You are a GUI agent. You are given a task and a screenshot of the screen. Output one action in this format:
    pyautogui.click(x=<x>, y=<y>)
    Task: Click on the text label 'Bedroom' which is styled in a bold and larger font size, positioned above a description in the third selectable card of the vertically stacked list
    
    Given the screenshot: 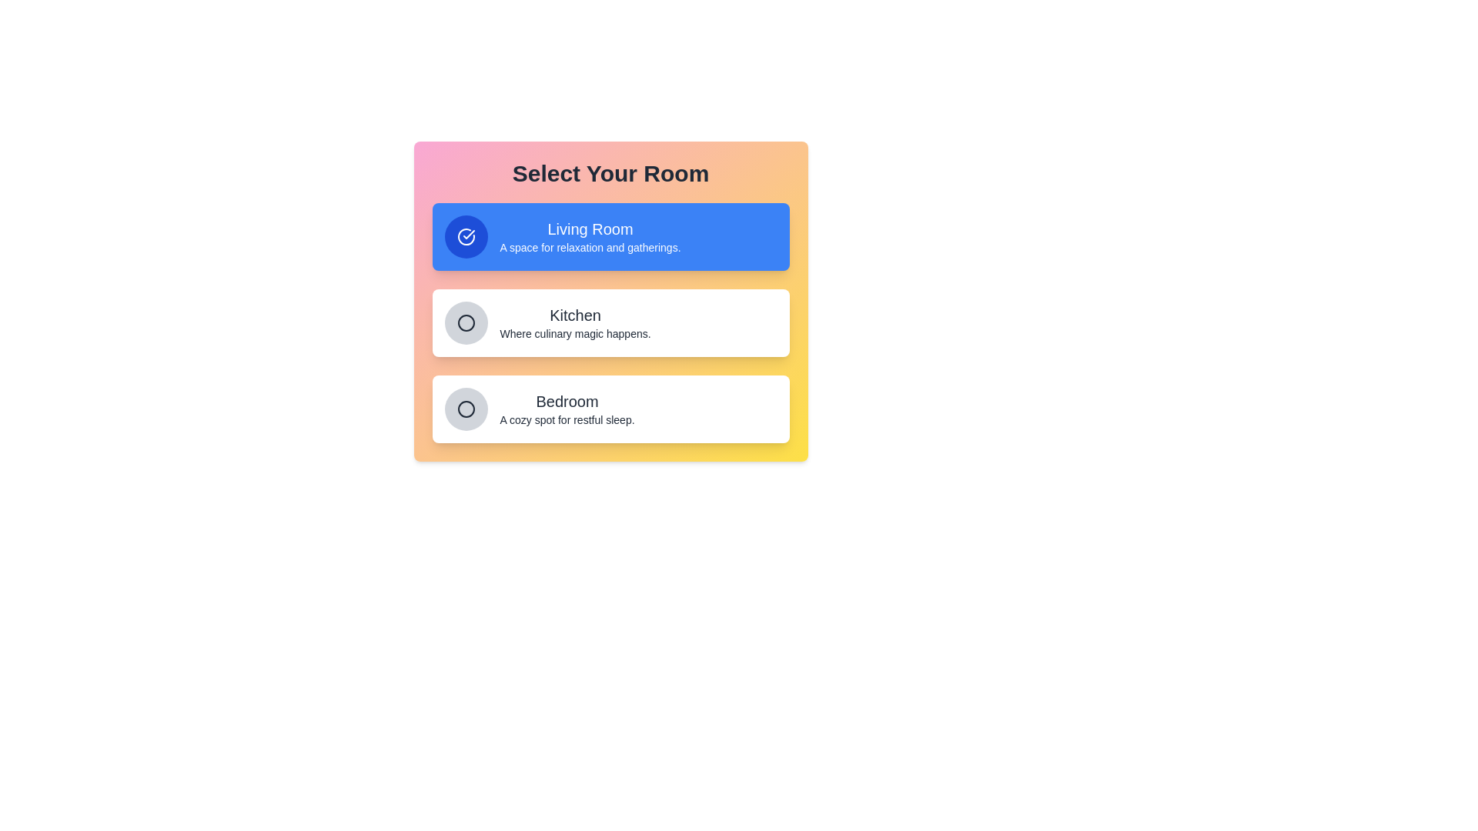 What is the action you would take?
    pyautogui.click(x=567, y=400)
    